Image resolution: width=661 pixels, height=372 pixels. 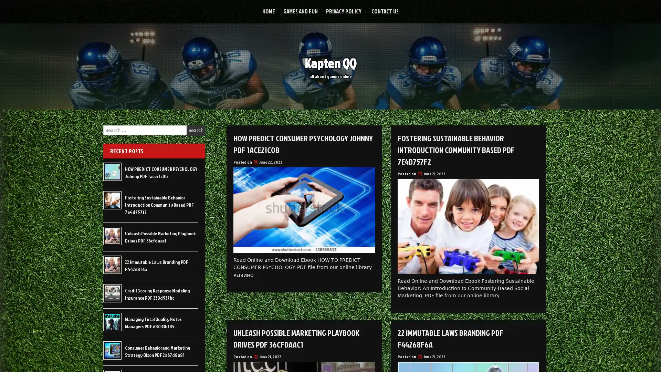 I want to click on Search, so click(x=196, y=130).